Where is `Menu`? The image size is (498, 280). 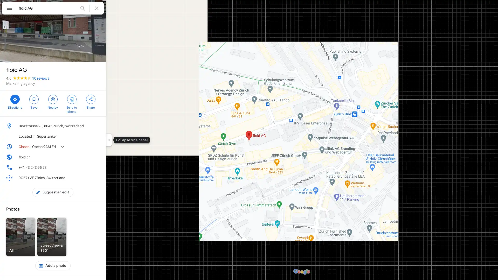
Menu is located at coordinates (9, 9).